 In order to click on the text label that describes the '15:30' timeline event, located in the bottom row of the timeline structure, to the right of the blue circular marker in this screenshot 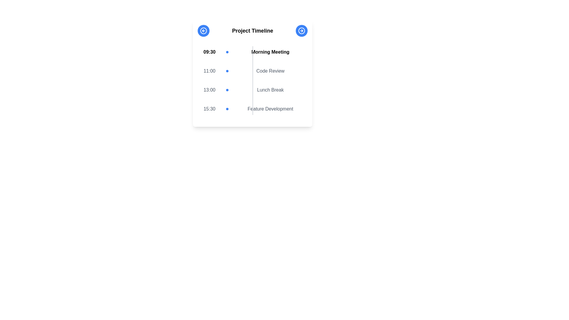, I will do `click(270, 109)`.